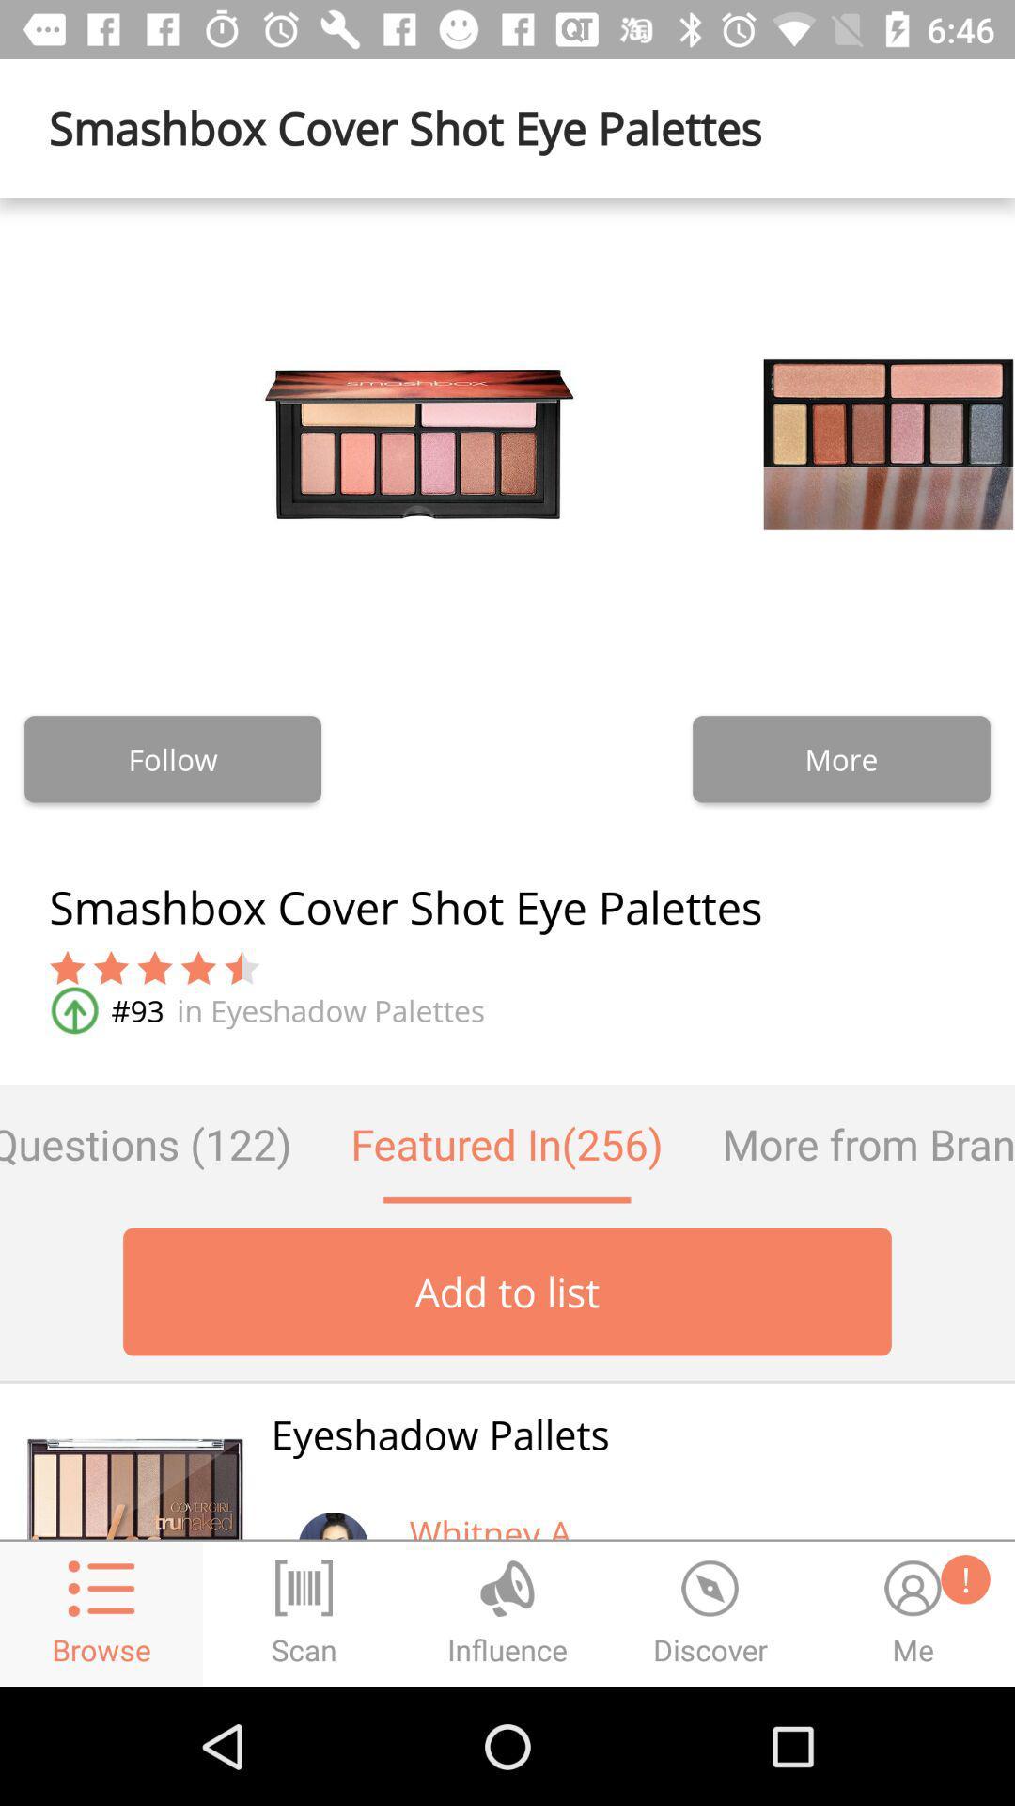 This screenshot has height=1806, width=1015. What do you see at coordinates (506, 1143) in the screenshot?
I see `the item to the right of questions (122)` at bounding box center [506, 1143].